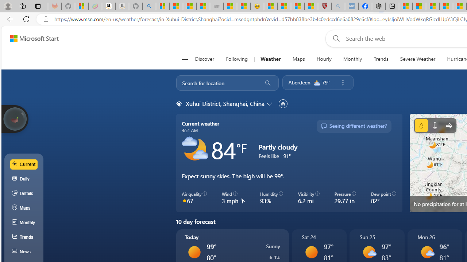 The height and width of the screenshot is (262, 467). What do you see at coordinates (379, 6) in the screenshot?
I see `'Nordace - Nordace Siena Is Not An Ordinary Backpack'` at bounding box center [379, 6].